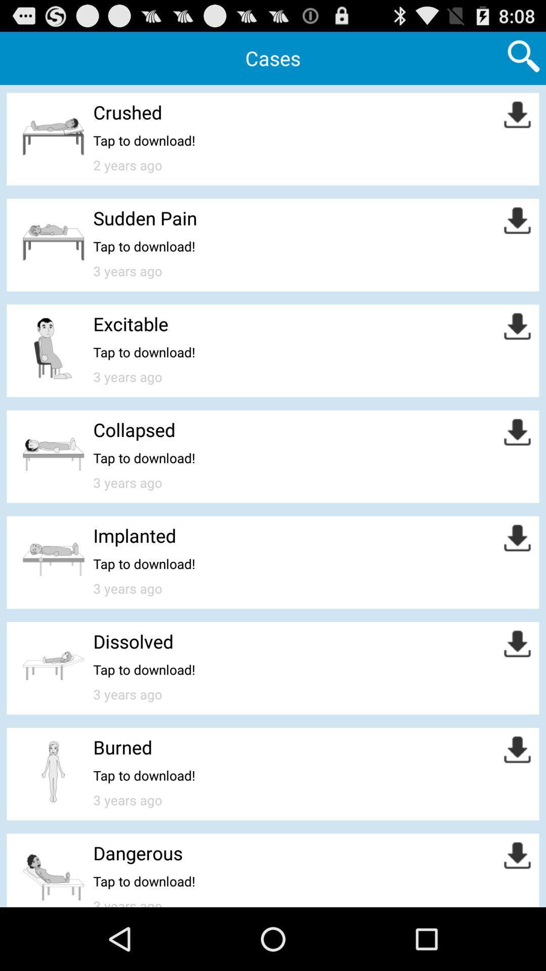  I want to click on the implanted item, so click(134, 535).